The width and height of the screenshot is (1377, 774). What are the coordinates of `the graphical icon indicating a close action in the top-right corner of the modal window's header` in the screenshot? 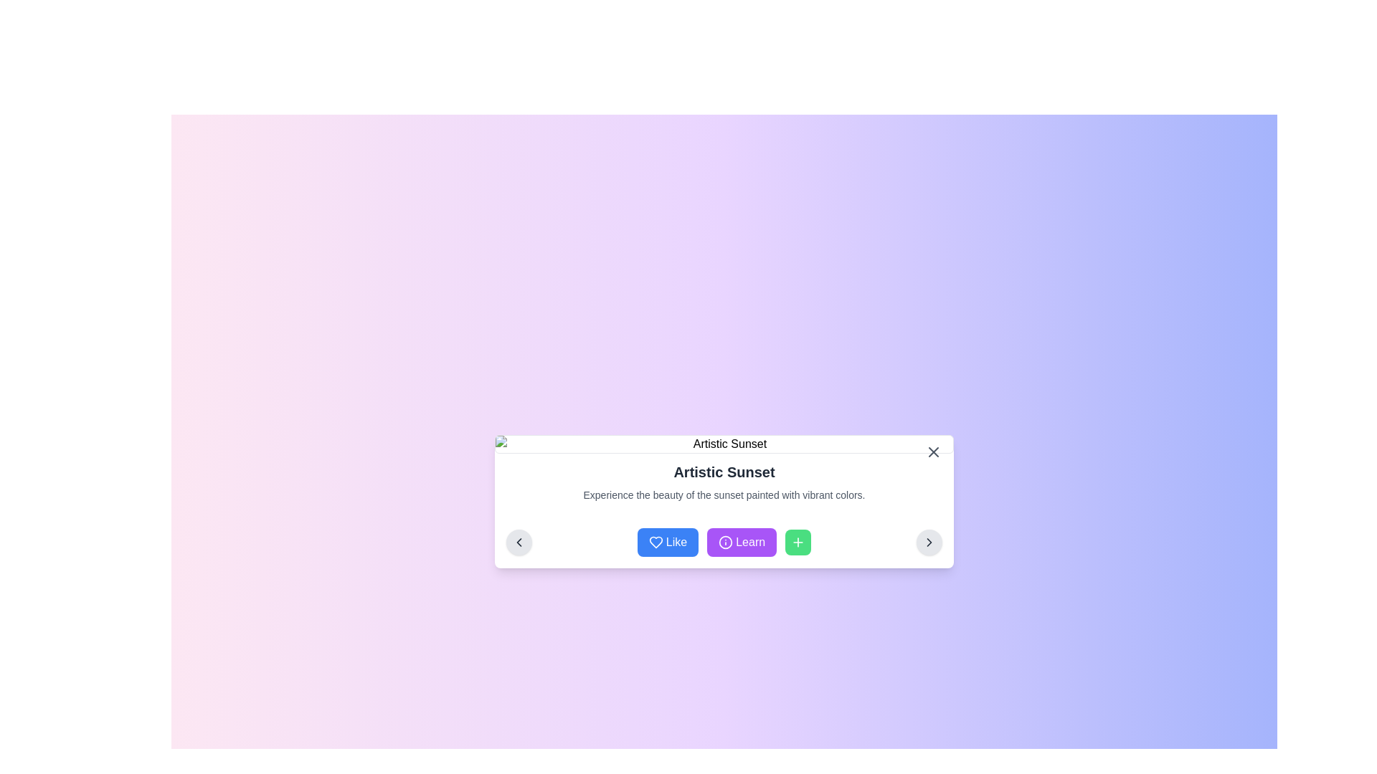 It's located at (933, 452).